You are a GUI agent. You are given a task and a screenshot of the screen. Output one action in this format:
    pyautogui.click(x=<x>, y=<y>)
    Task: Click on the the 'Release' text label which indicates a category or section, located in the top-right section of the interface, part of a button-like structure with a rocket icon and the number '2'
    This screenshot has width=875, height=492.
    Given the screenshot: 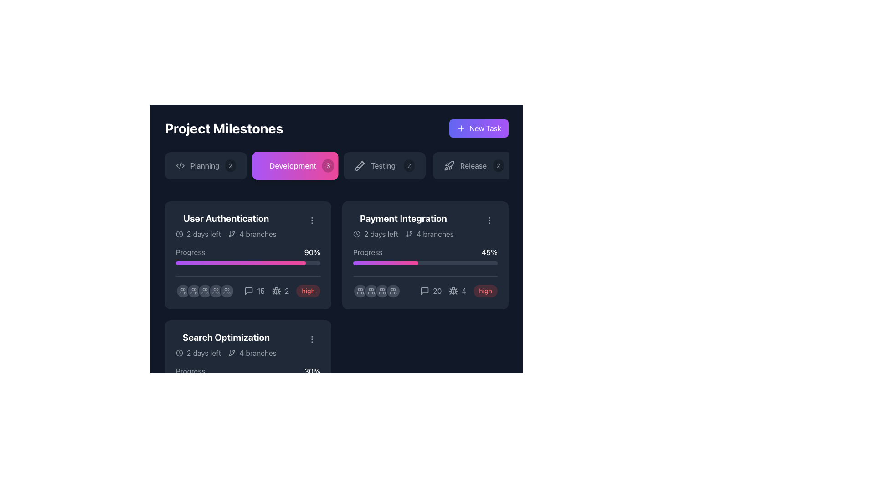 What is the action you would take?
    pyautogui.click(x=474, y=165)
    